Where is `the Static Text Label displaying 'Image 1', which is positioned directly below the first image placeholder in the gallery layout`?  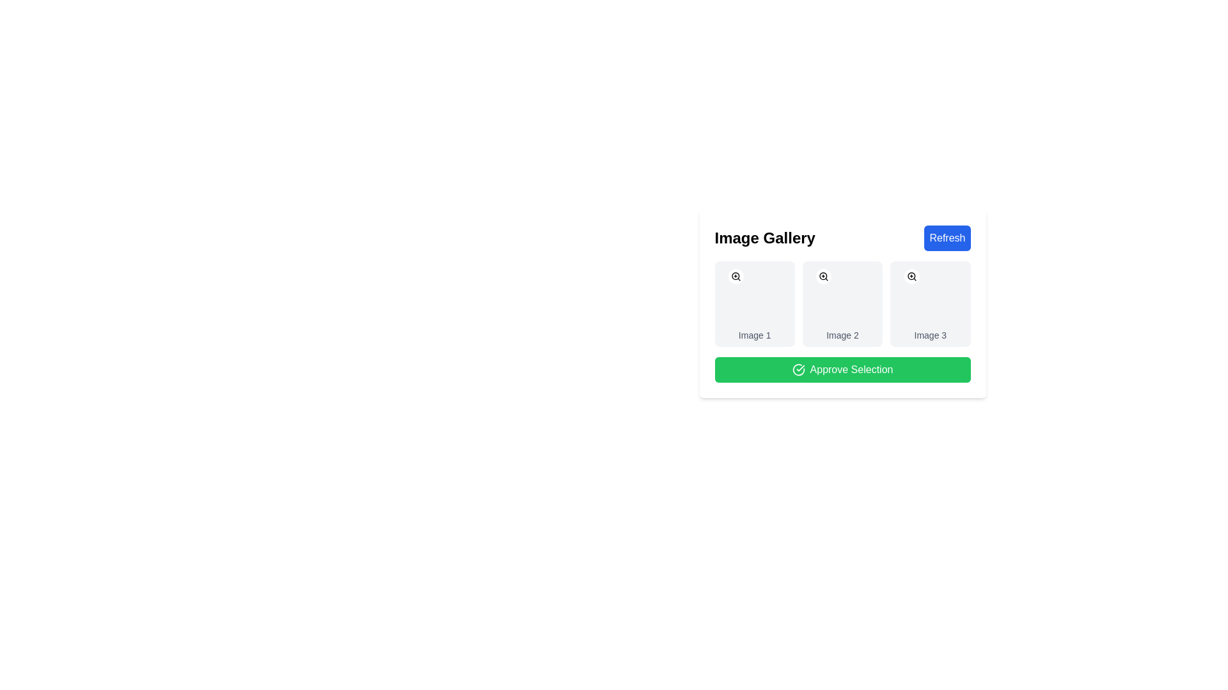 the Static Text Label displaying 'Image 1', which is positioned directly below the first image placeholder in the gallery layout is located at coordinates (755, 334).